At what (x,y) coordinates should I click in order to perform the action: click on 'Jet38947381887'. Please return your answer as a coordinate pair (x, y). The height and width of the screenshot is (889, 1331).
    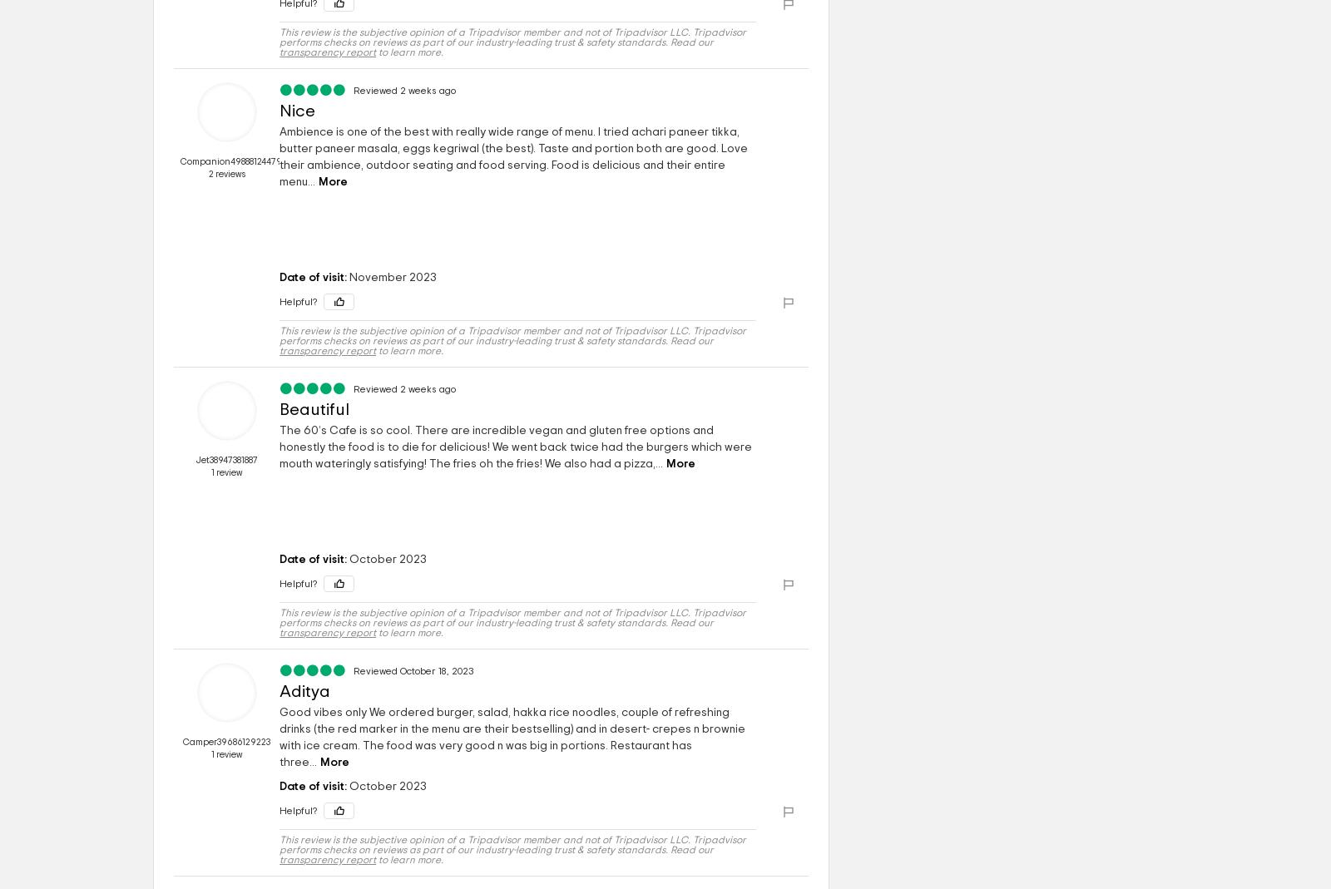
    Looking at the image, I should click on (226, 460).